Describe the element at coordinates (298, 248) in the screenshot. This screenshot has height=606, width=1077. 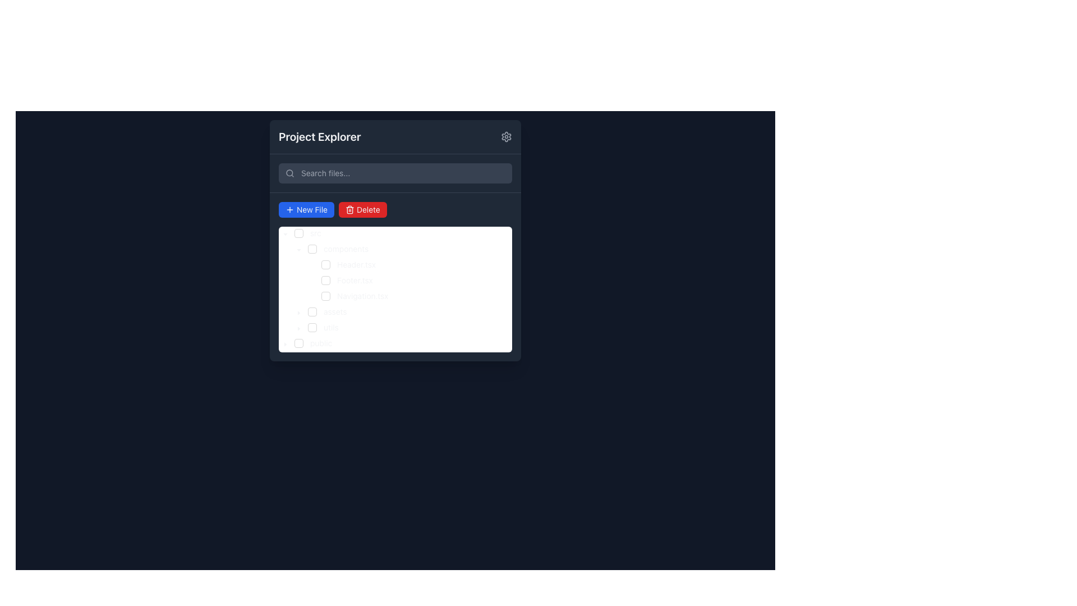
I see `the Tree node toggle control for the 'components' node to receive visual feedback` at that location.